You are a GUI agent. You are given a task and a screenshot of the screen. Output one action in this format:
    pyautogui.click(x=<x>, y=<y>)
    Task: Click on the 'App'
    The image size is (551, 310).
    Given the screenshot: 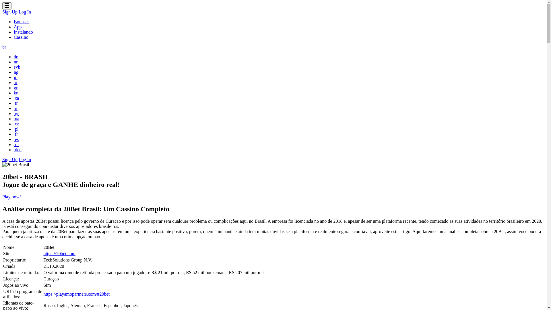 What is the action you would take?
    pyautogui.click(x=18, y=27)
    